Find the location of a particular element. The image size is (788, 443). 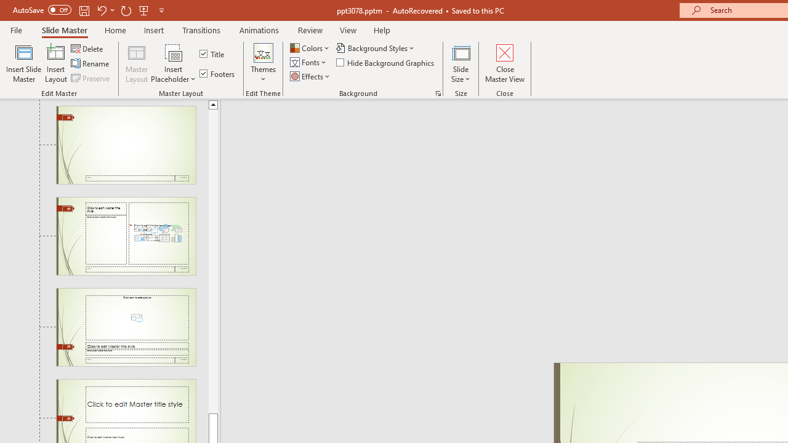

'Format Background...' is located at coordinates (438, 92).